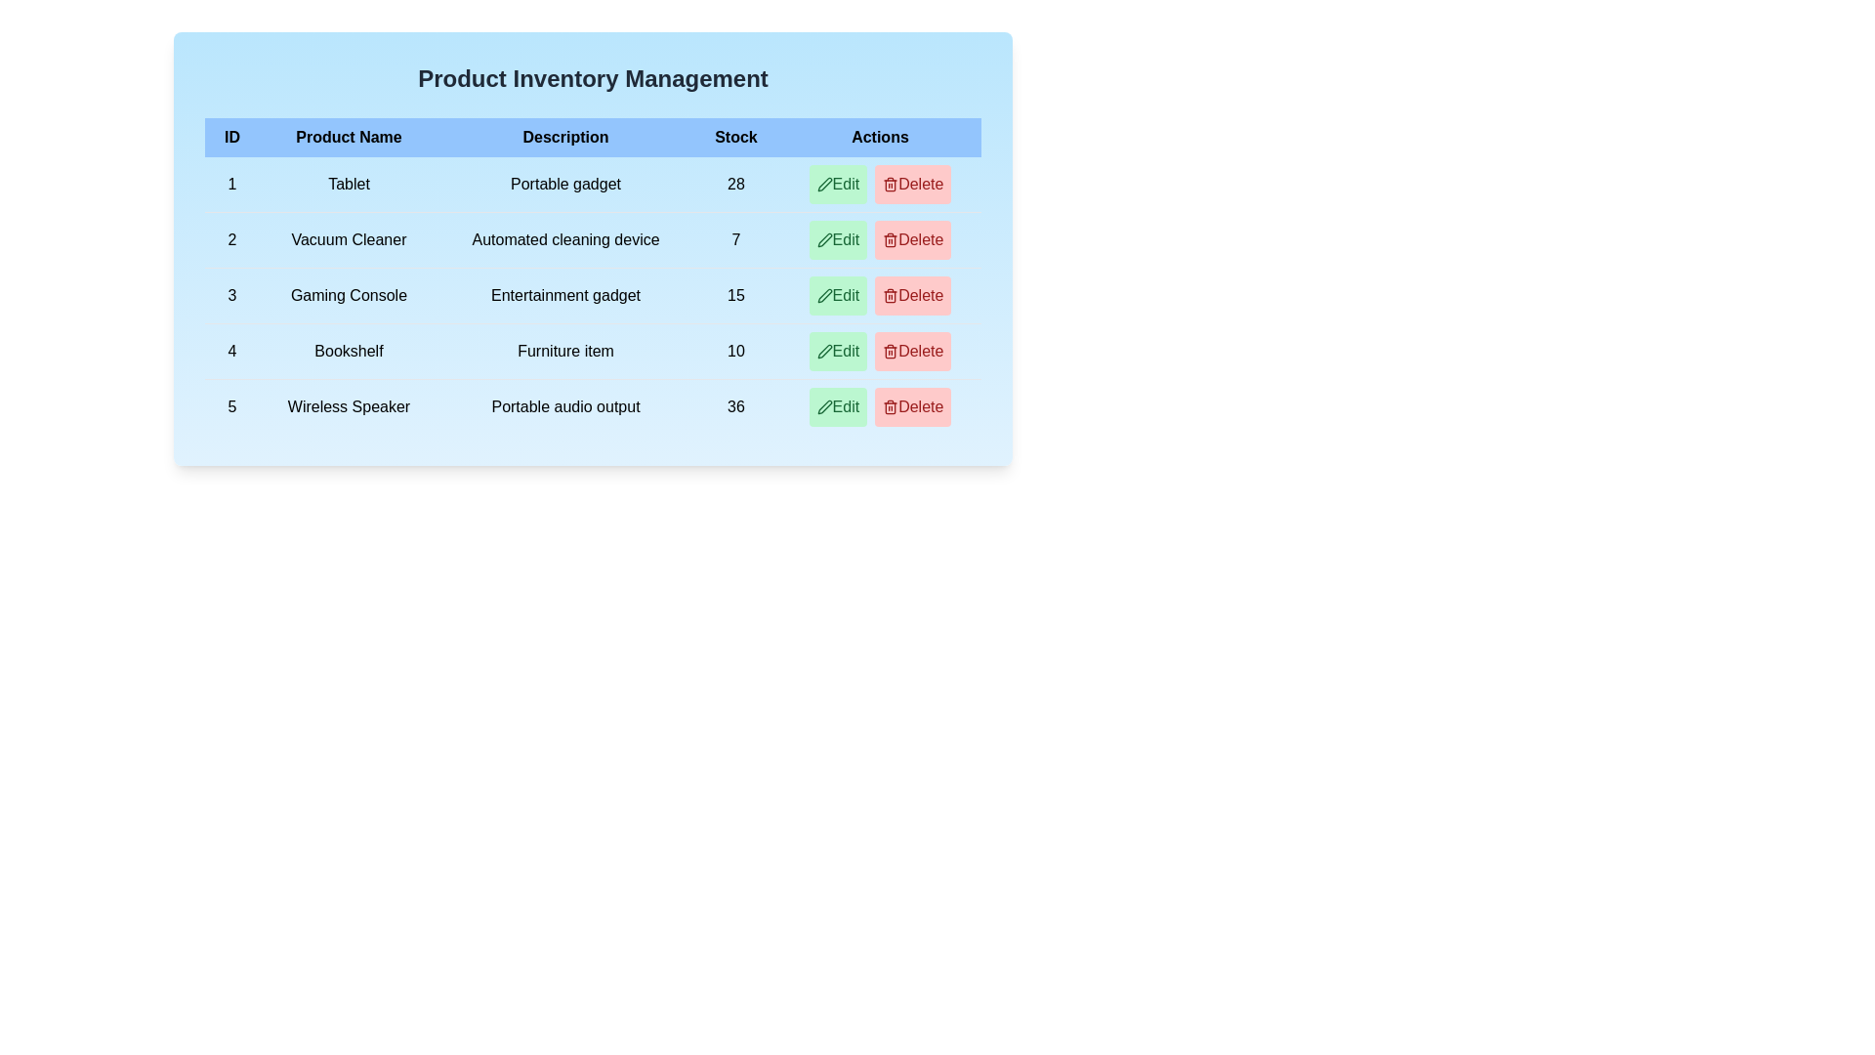  What do you see at coordinates (231, 185) in the screenshot?
I see `the static text label that serves as an identifier for the corresponding data row in the table, located in the first row and column of the tabular layout` at bounding box center [231, 185].